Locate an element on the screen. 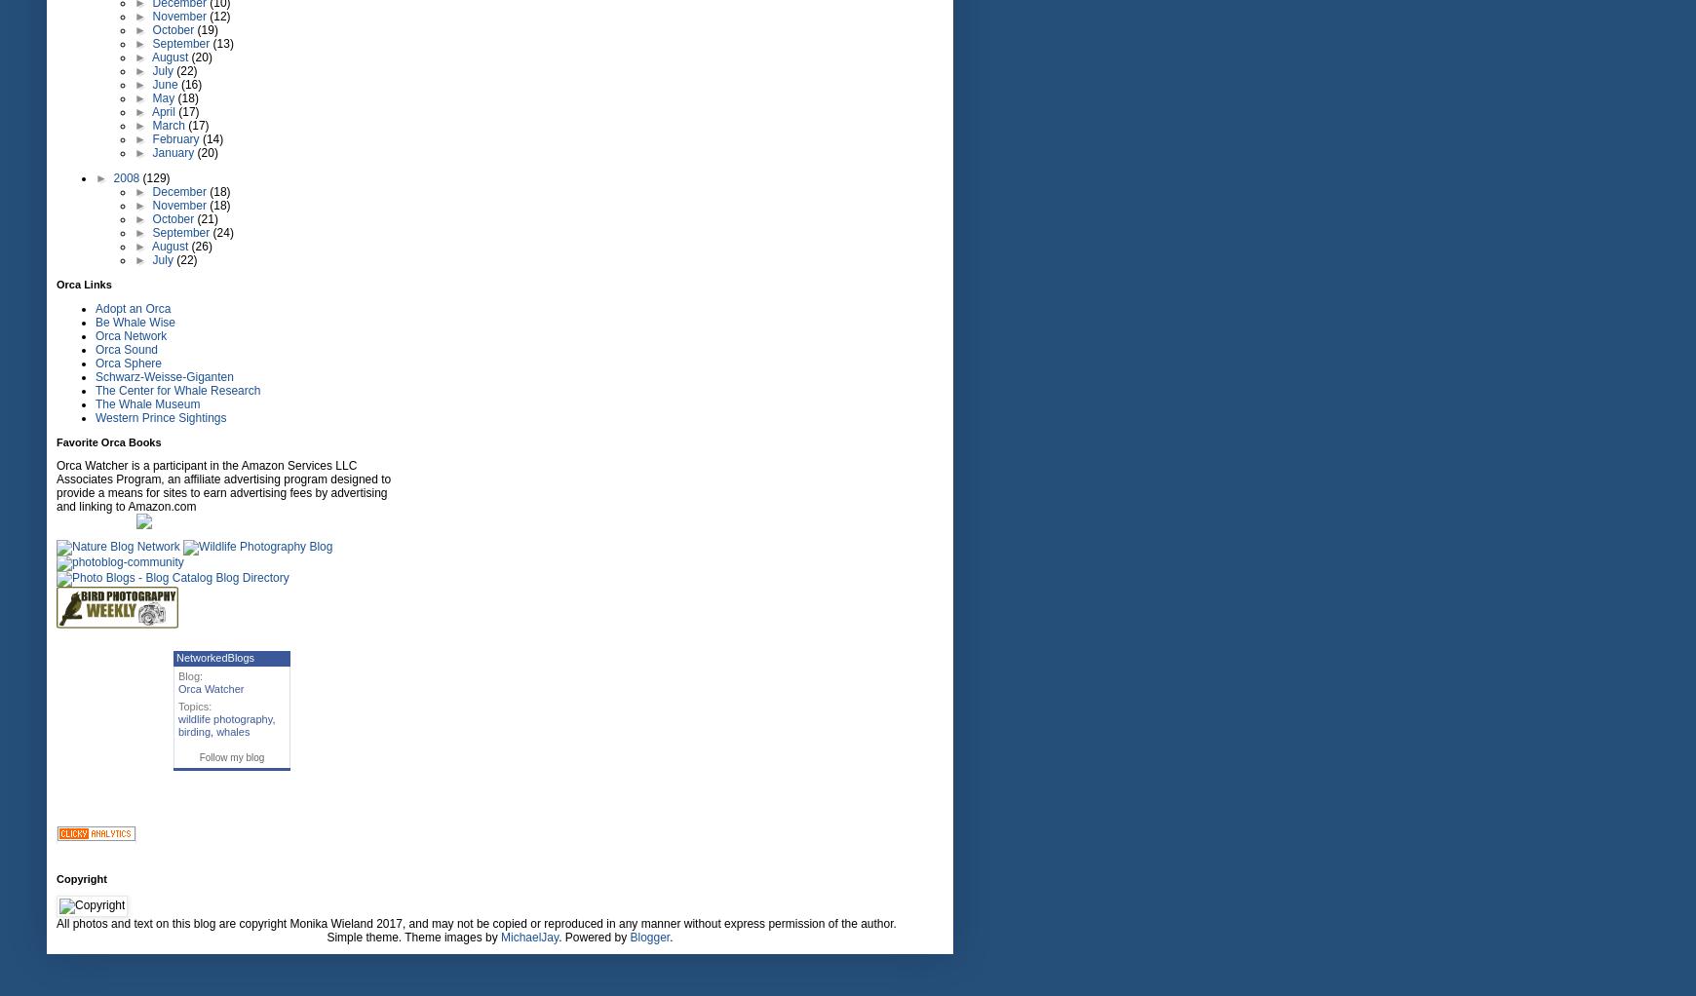  'January' is located at coordinates (173, 151).